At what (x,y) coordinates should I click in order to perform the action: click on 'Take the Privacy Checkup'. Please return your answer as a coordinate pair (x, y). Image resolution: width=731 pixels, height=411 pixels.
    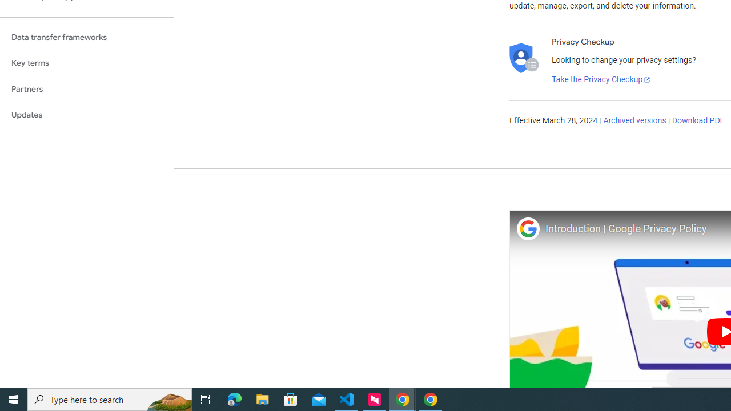
    Looking at the image, I should click on (601, 79).